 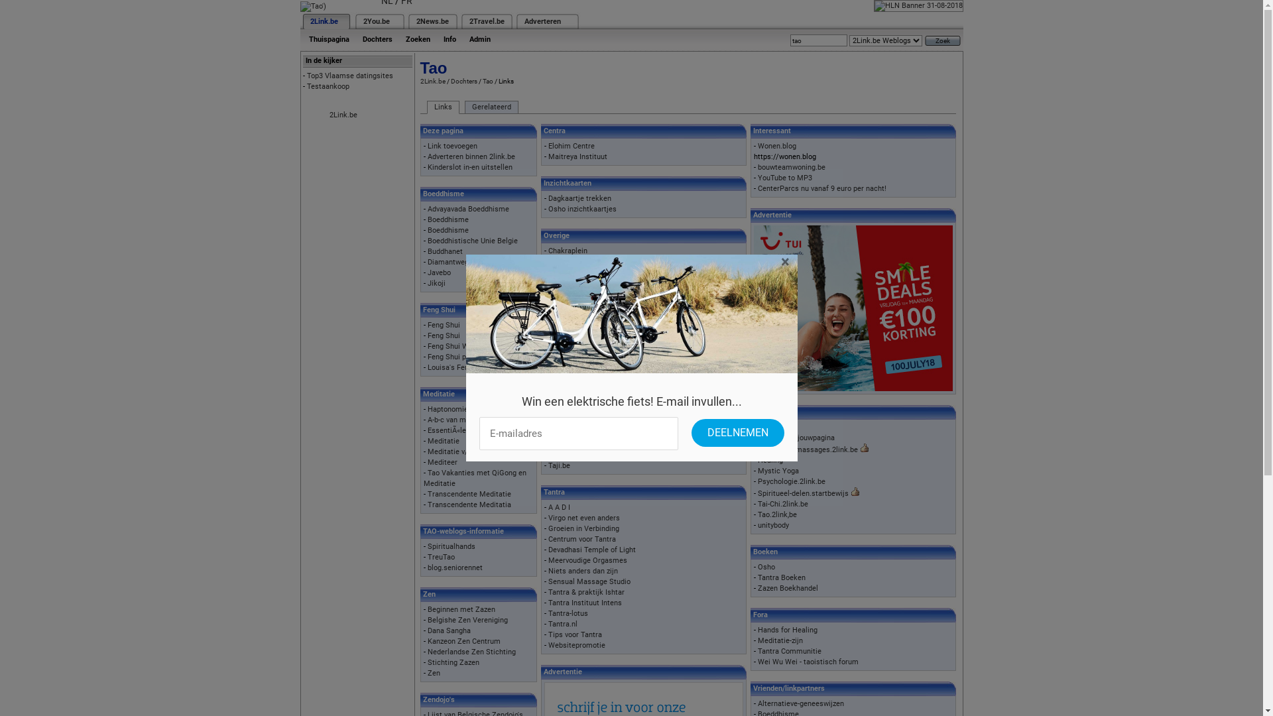 I want to click on 'Dagkaartje trekken', so click(x=579, y=198).